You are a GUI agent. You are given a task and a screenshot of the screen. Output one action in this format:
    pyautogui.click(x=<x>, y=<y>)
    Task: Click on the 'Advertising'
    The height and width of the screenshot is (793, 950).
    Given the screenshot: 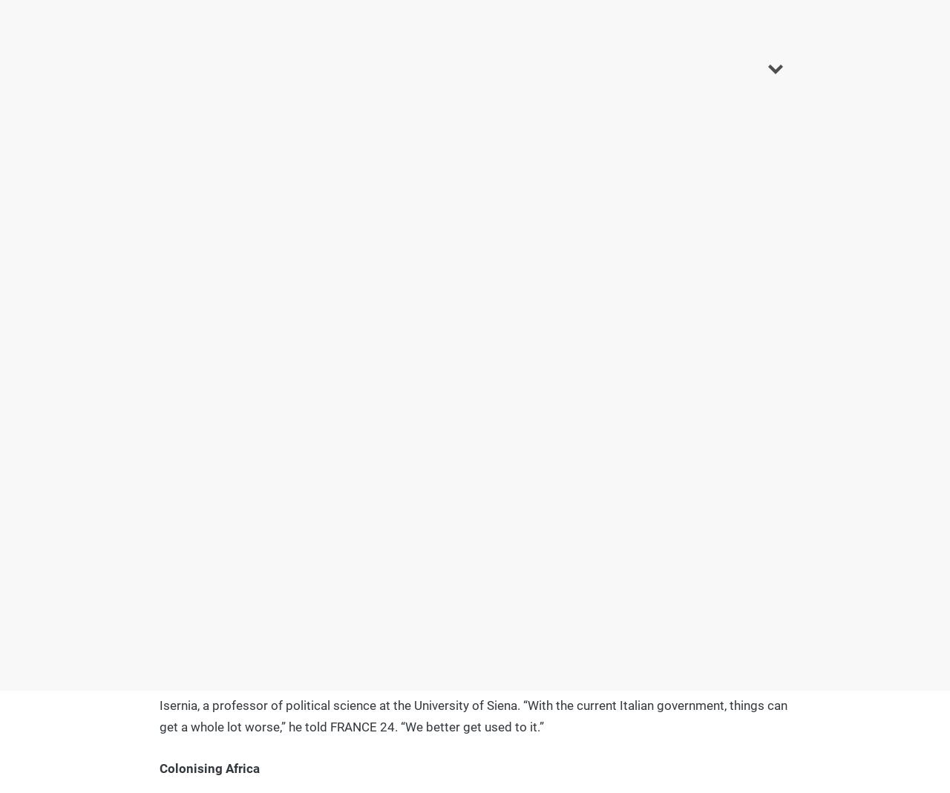 What is the action you would take?
    pyautogui.click(x=598, y=298)
    